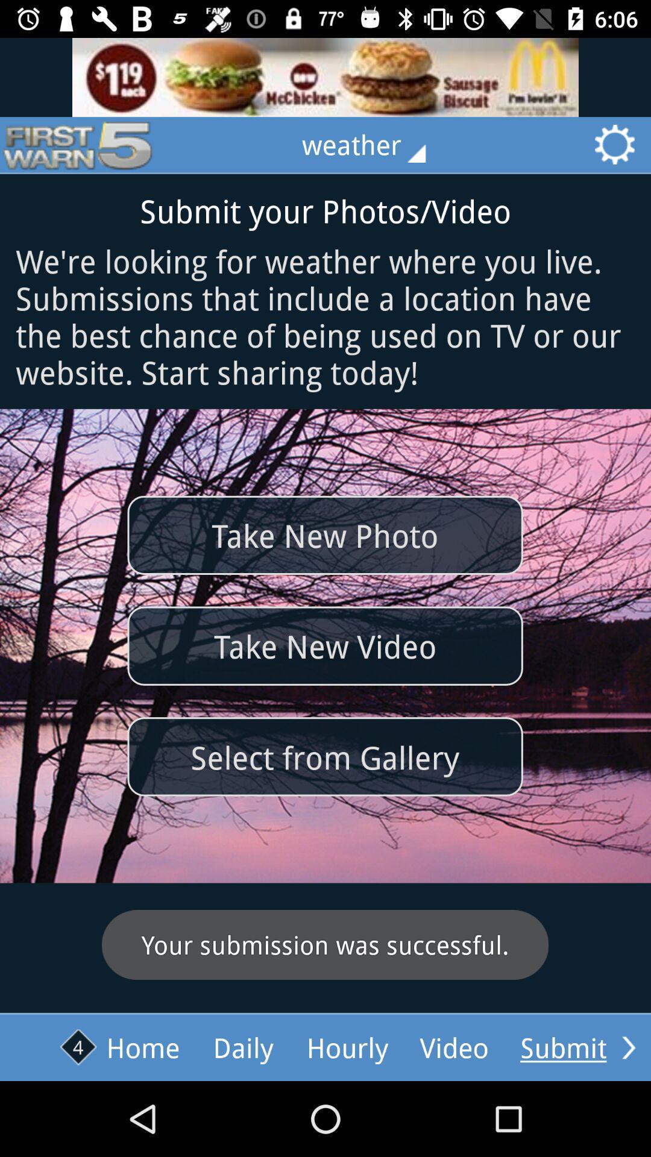 This screenshot has width=651, height=1157. What do you see at coordinates (628, 1047) in the screenshot?
I see `the arrow_forward icon` at bounding box center [628, 1047].